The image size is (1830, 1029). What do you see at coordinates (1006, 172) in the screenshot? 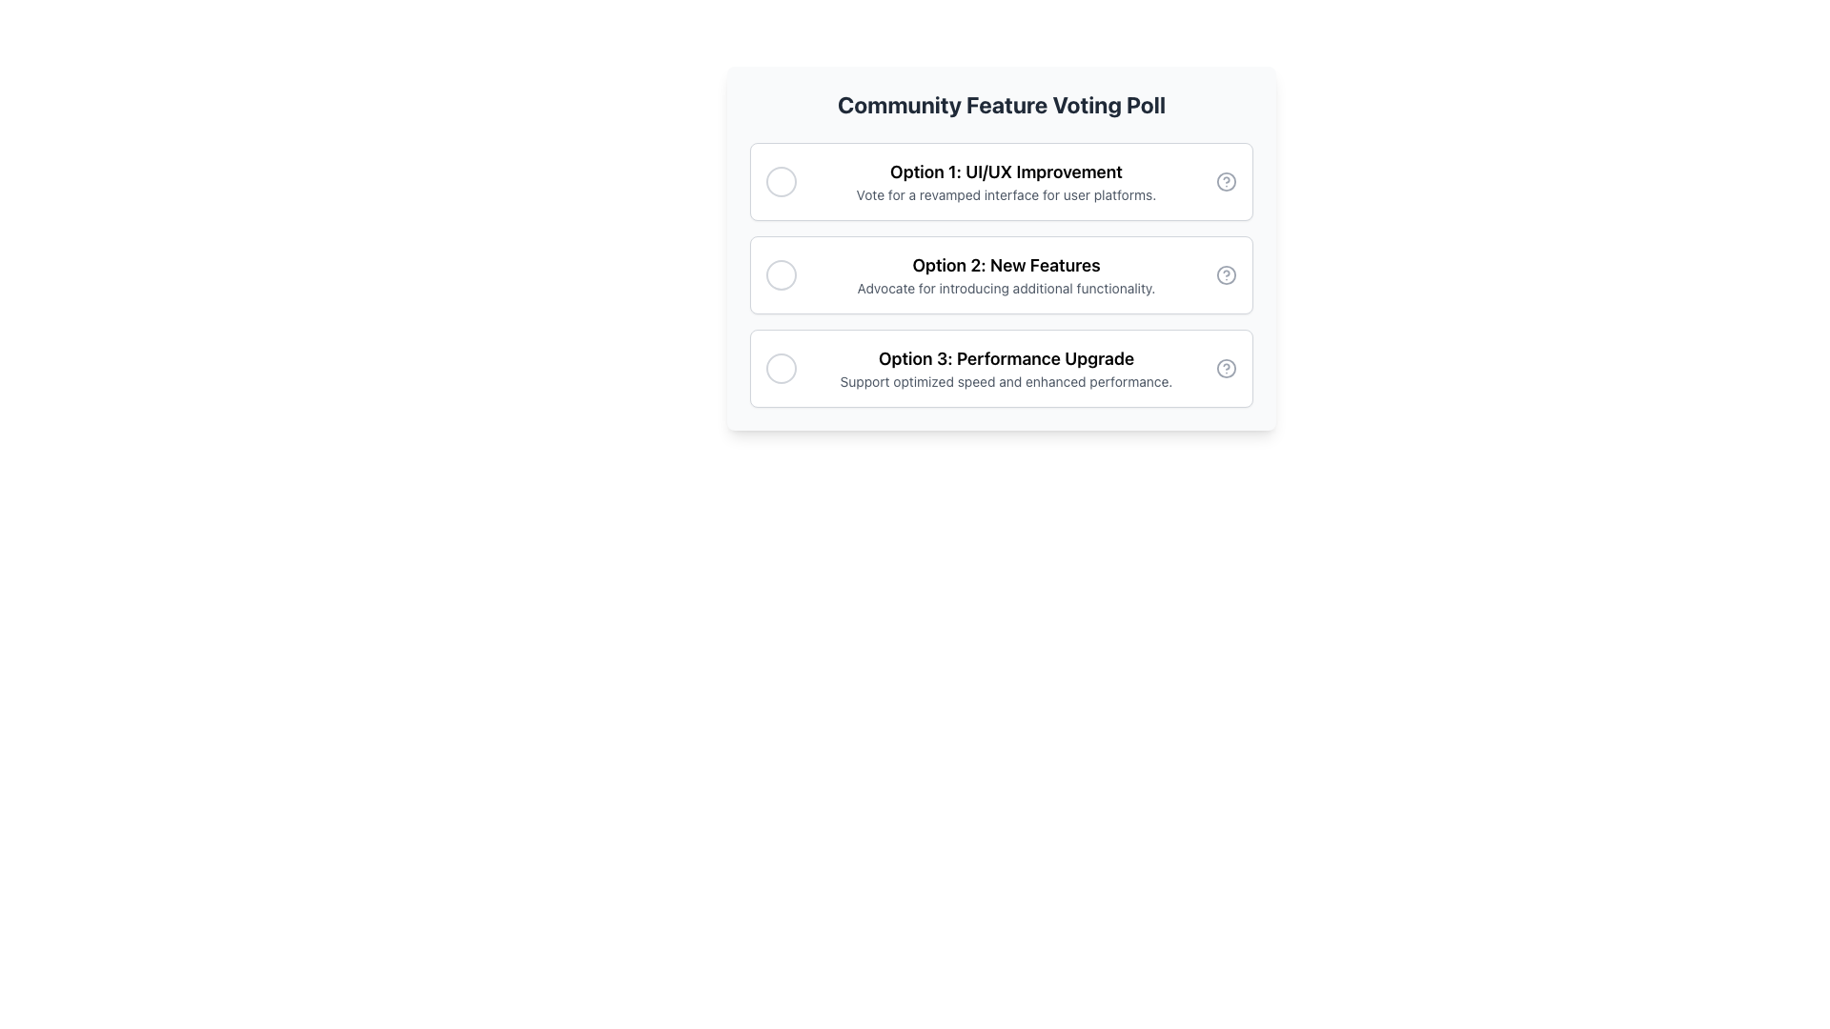
I see `text of the title for the first option in the 'Community Feature Voting Poll', which is positioned above the description text and below the main poll heading` at bounding box center [1006, 172].